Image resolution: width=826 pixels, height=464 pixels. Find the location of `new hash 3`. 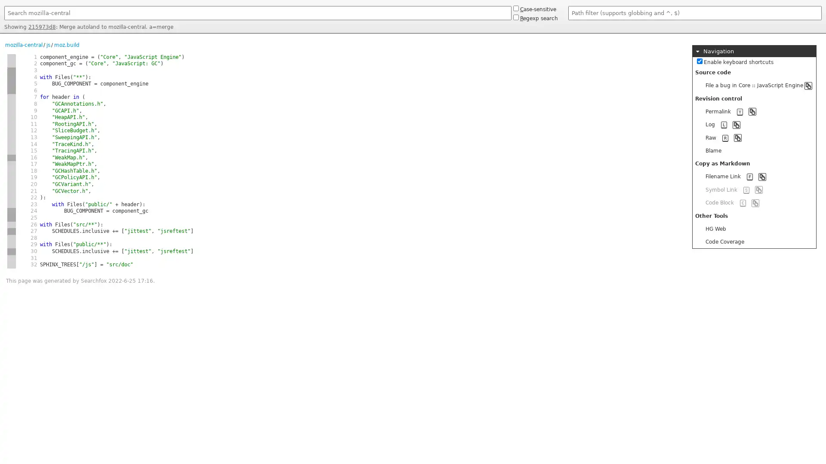

new hash 3 is located at coordinates (12, 157).